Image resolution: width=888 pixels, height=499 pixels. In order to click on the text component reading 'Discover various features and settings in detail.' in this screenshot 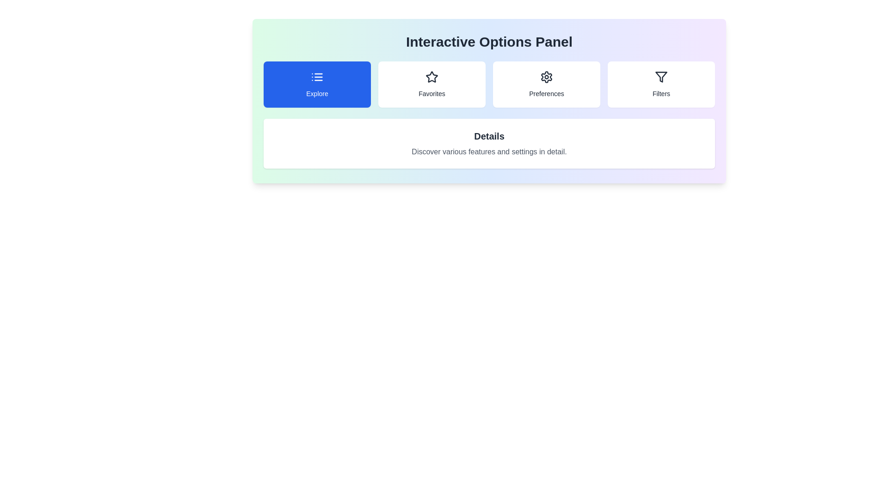, I will do `click(488, 151)`.